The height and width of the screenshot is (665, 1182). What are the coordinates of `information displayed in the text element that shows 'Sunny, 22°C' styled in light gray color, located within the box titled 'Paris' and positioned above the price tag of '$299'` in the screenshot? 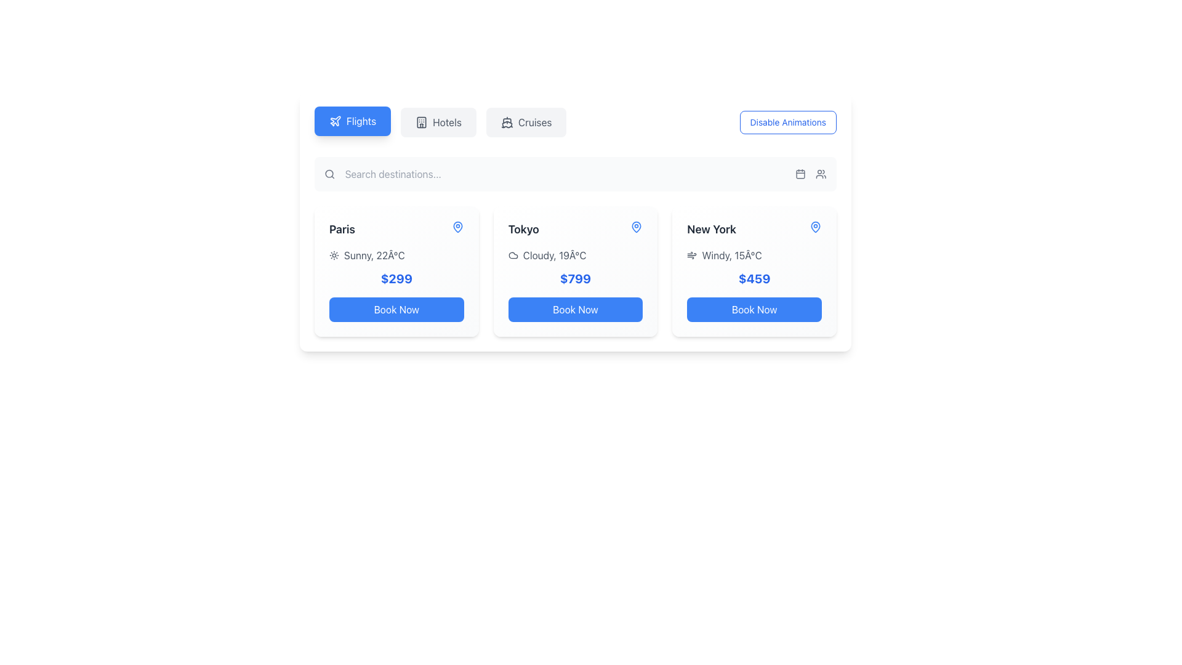 It's located at (396, 255).